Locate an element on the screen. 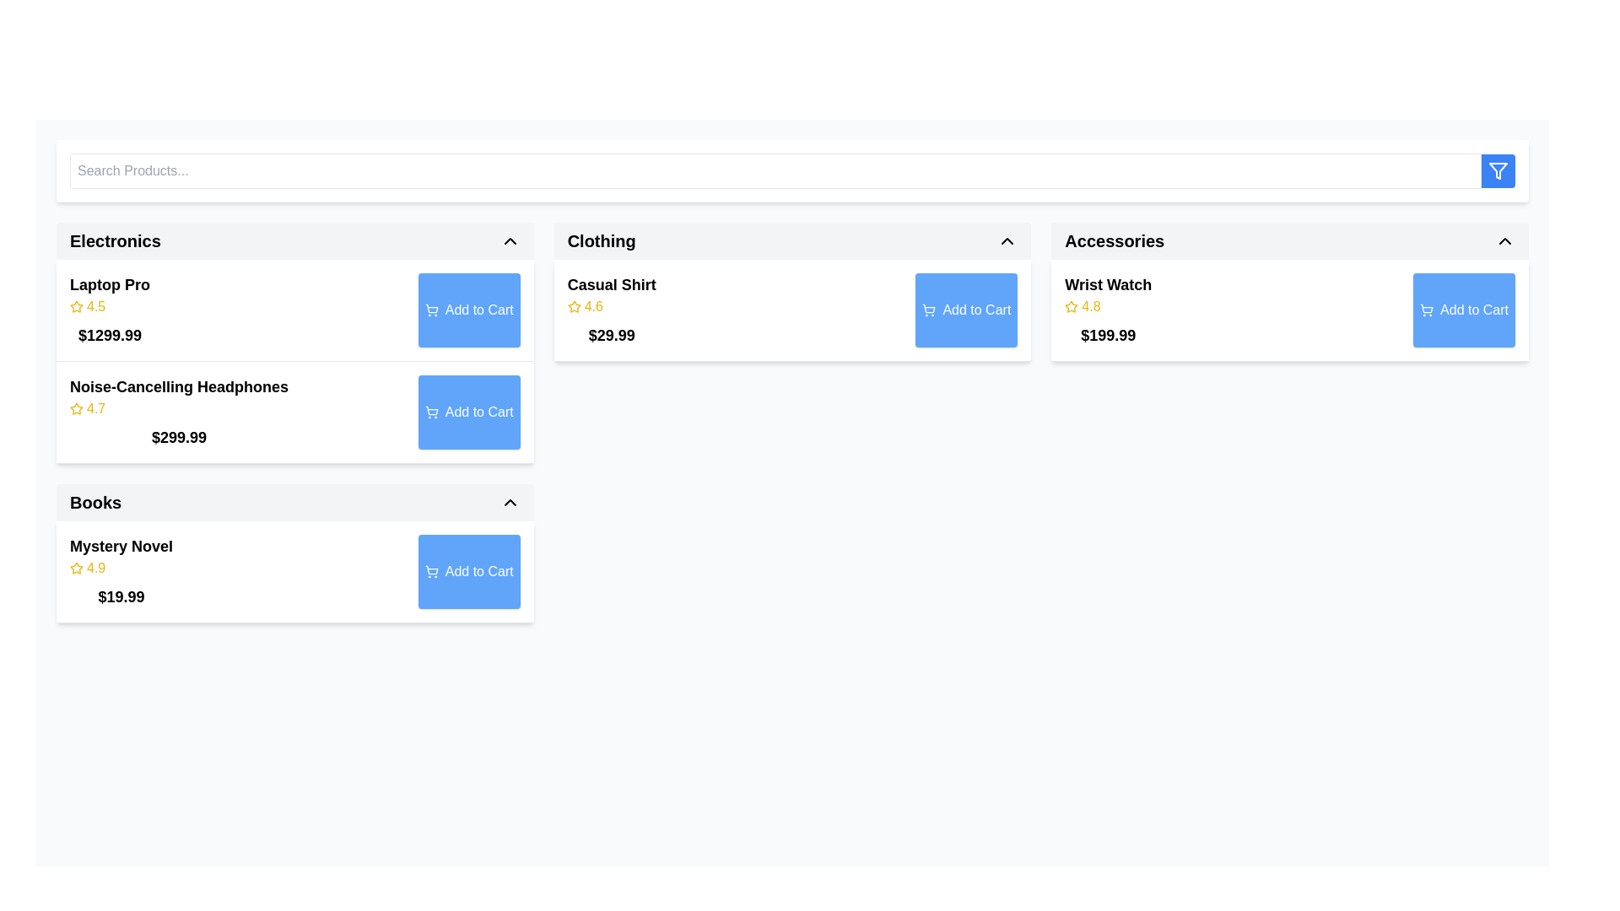 The image size is (1620, 911). the filter button located on the right side of the search bar, which has a white background and a subtle shadow effect is located at coordinates (791, 171).